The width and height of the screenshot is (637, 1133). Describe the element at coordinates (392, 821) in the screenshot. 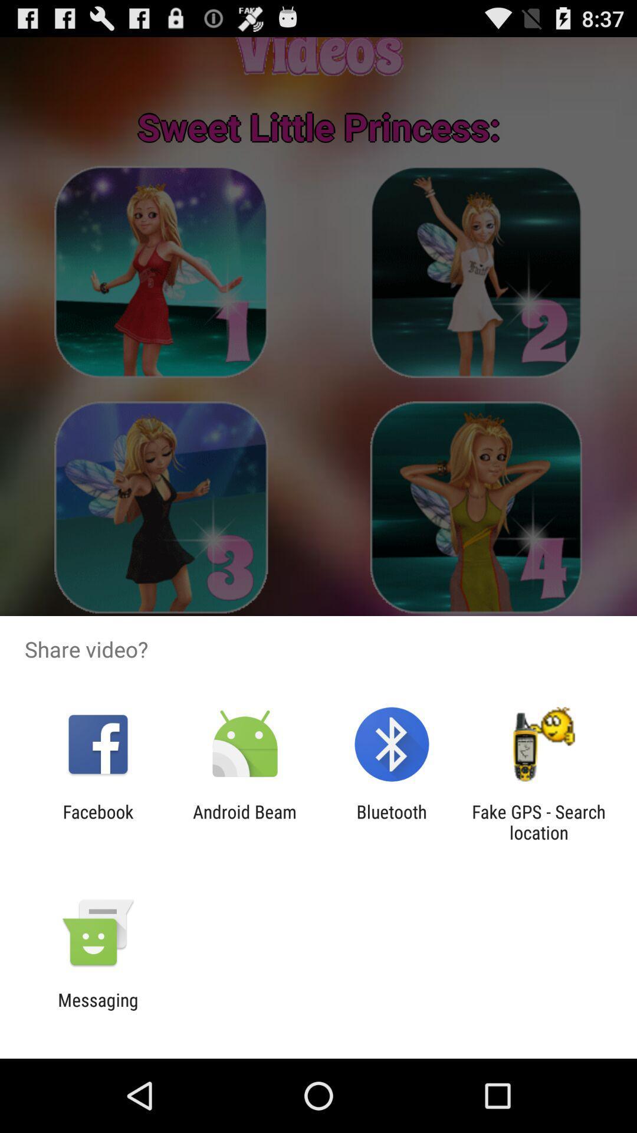

I see `app next to fake gps search` at that location.